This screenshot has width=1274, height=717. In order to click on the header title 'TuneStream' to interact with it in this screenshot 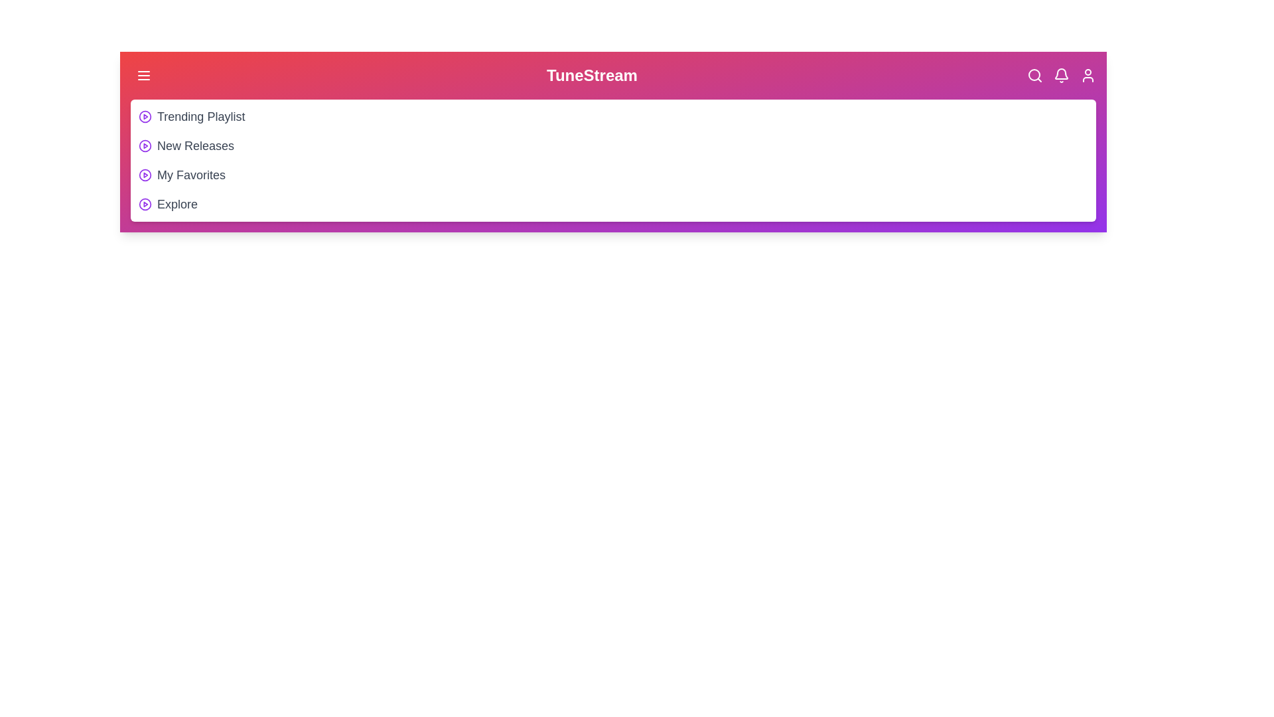, I will do `click(591, 76)`.